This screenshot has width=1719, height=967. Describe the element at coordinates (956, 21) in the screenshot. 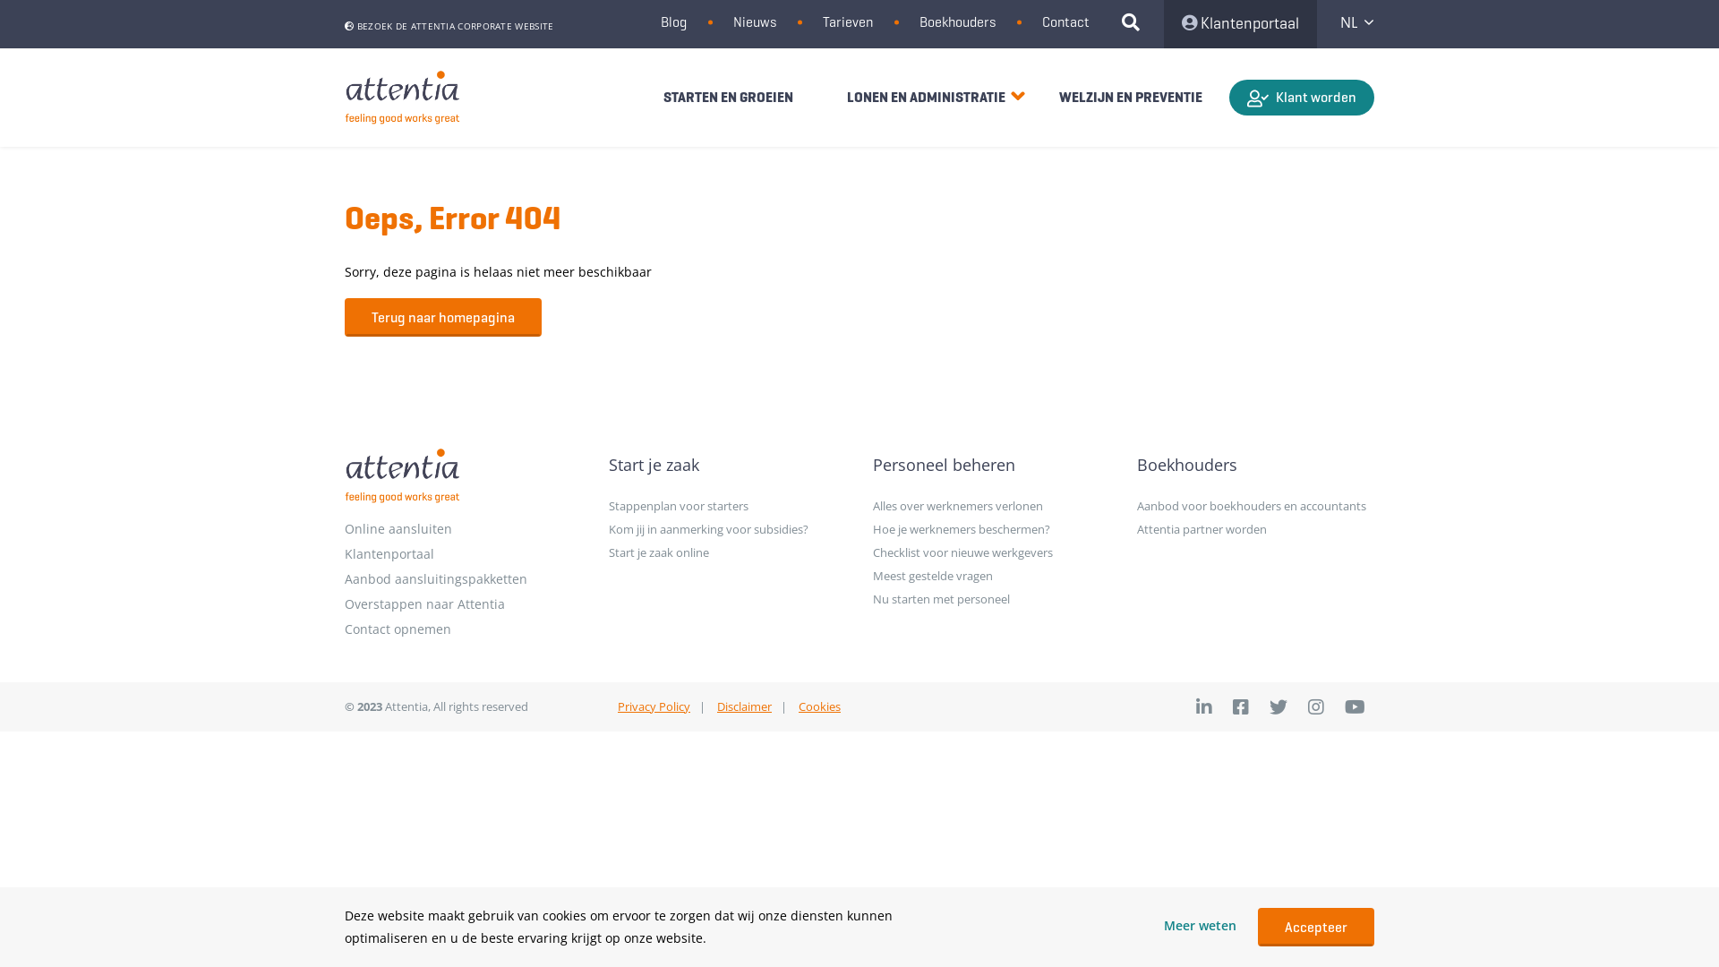

I see `'Boekhouders'` at that location.